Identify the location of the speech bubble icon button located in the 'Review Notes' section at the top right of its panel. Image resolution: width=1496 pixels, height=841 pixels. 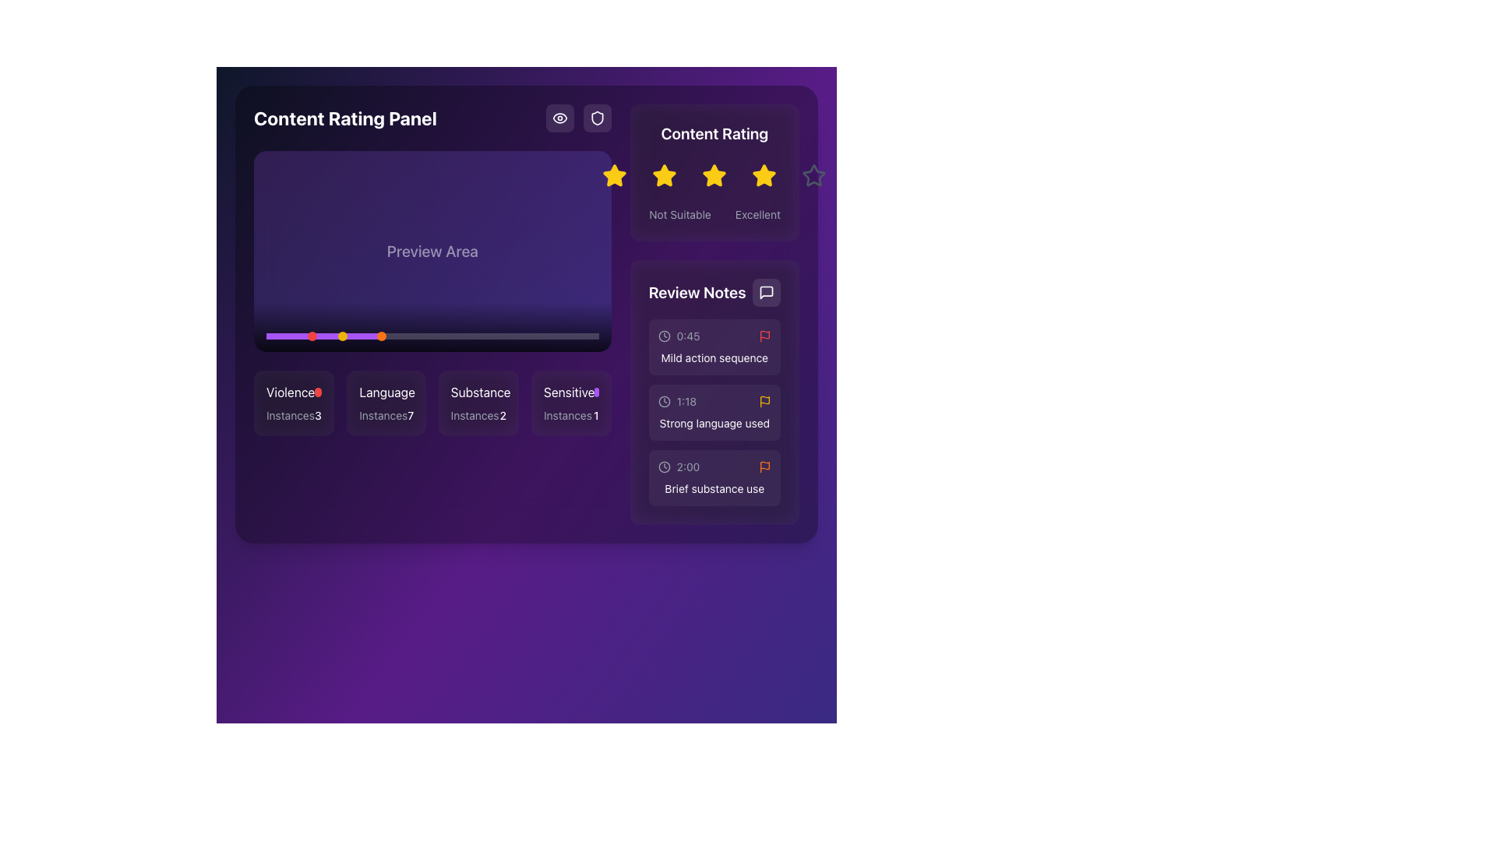
(766, 292).